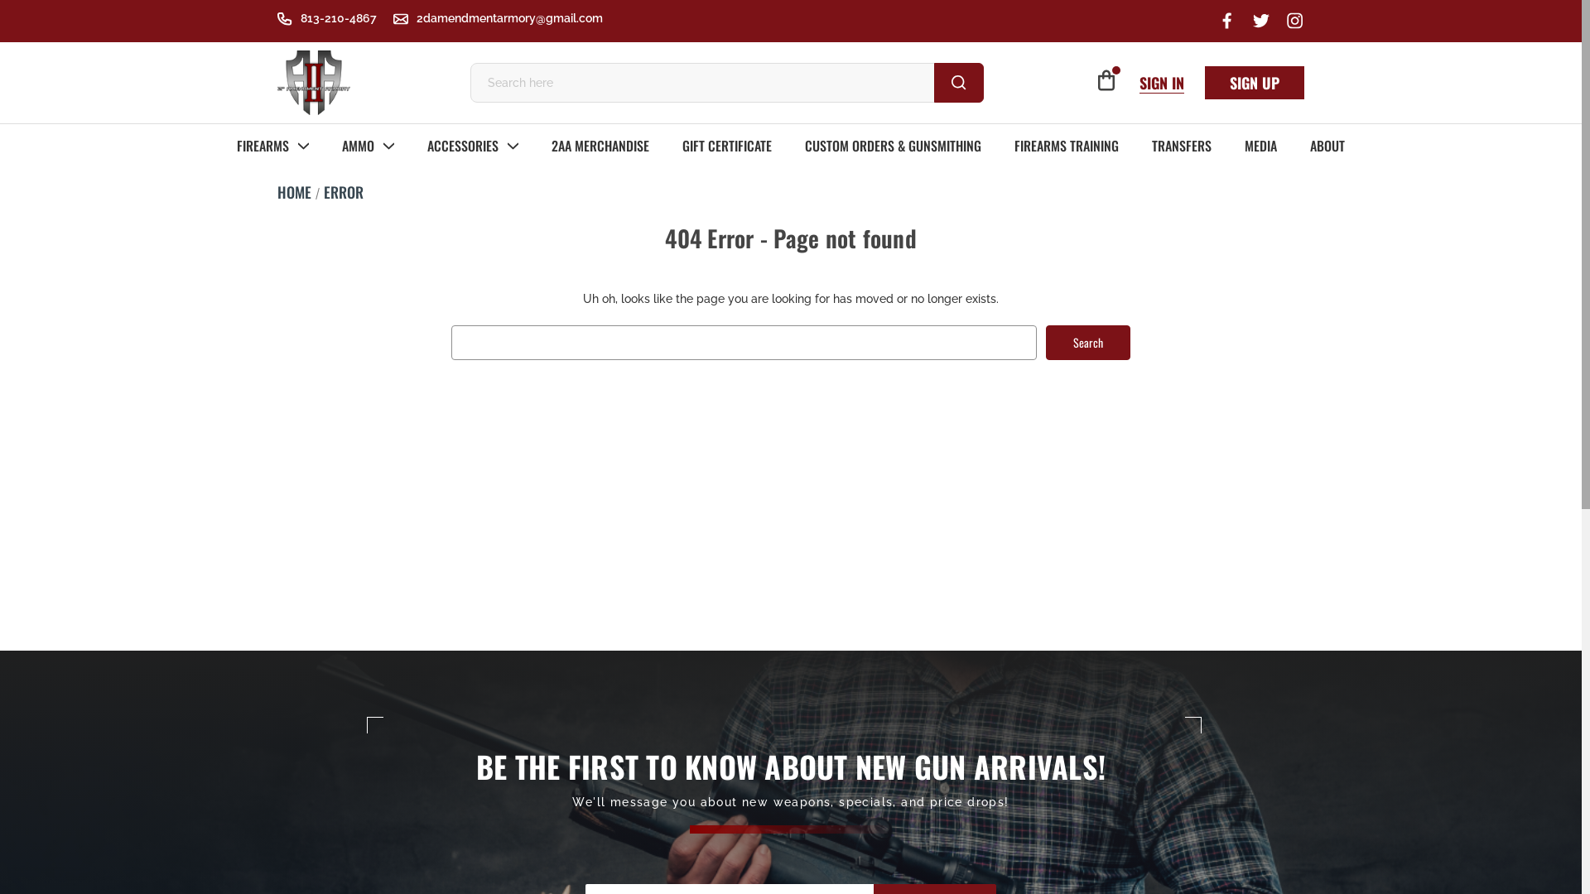 The height and width of the screenshot is (894, 1590). Describe the element at coordinates (1260, 20) in the screenshot. I see `'Twitter'` at that location.